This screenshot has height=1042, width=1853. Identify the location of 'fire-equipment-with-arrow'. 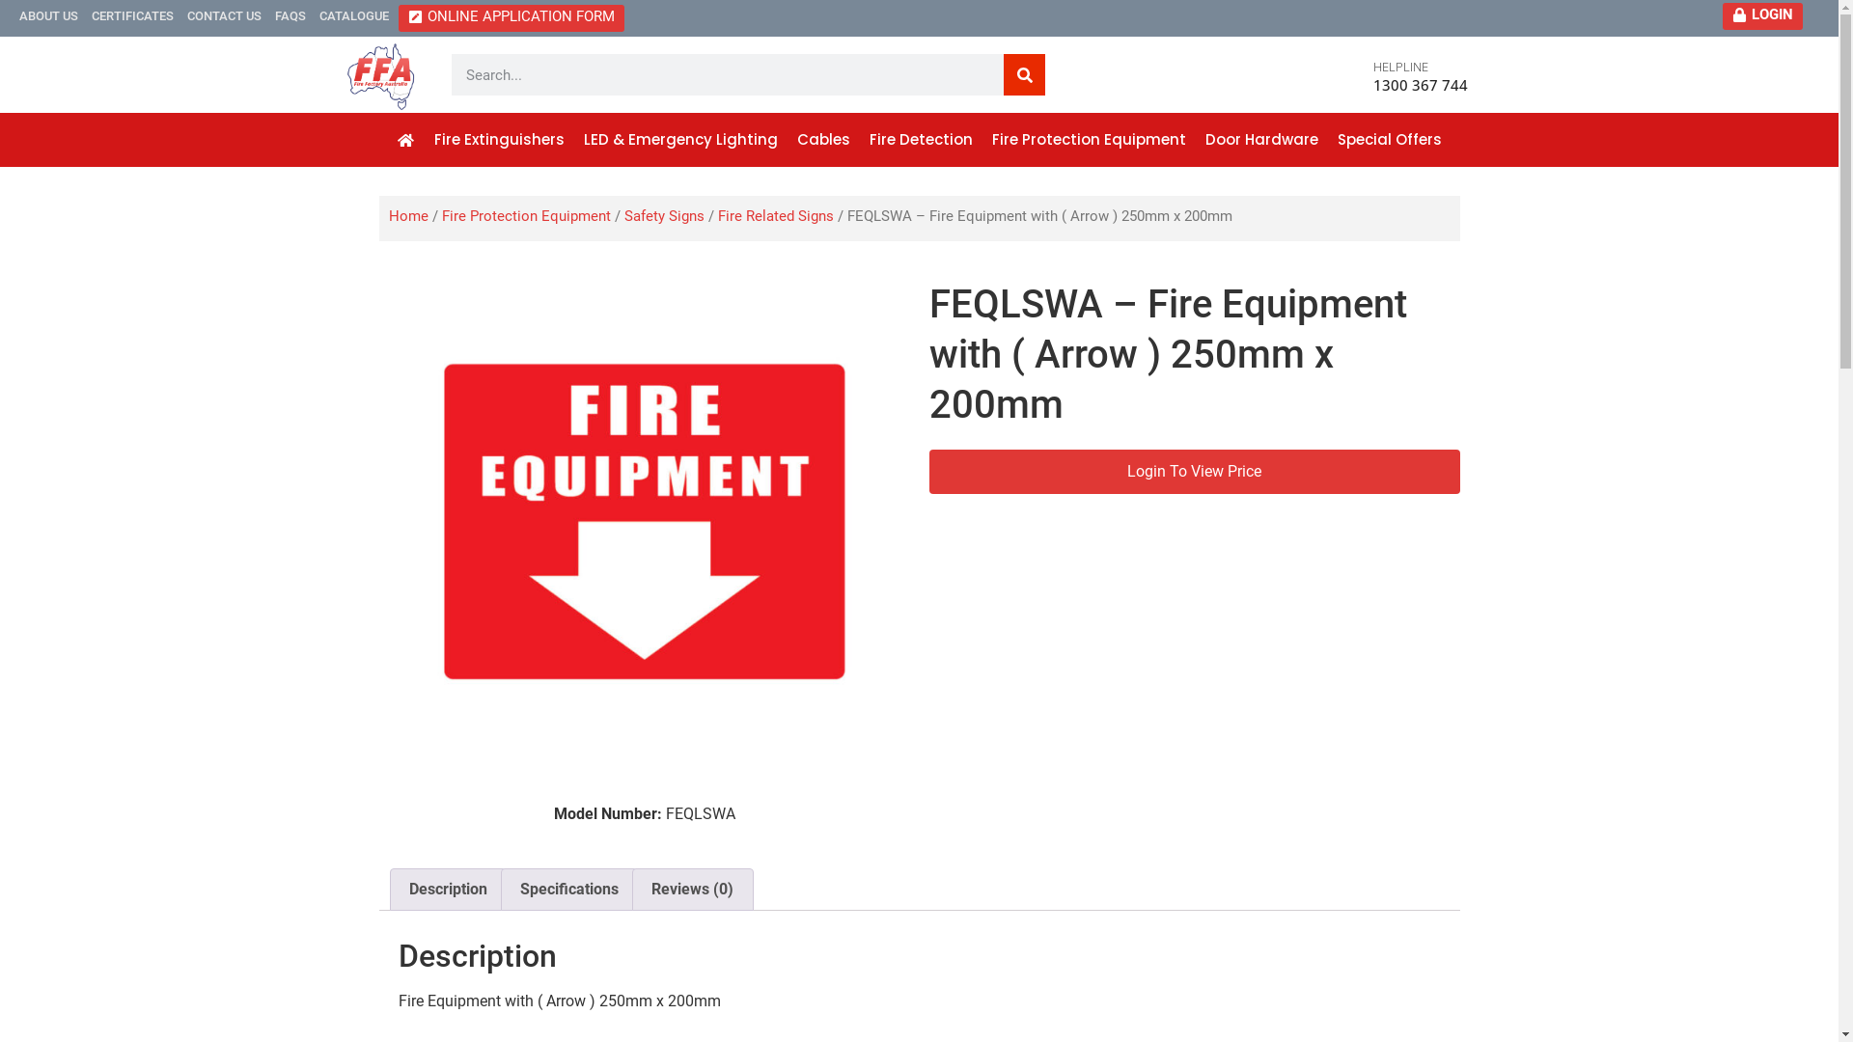
(644, 521).